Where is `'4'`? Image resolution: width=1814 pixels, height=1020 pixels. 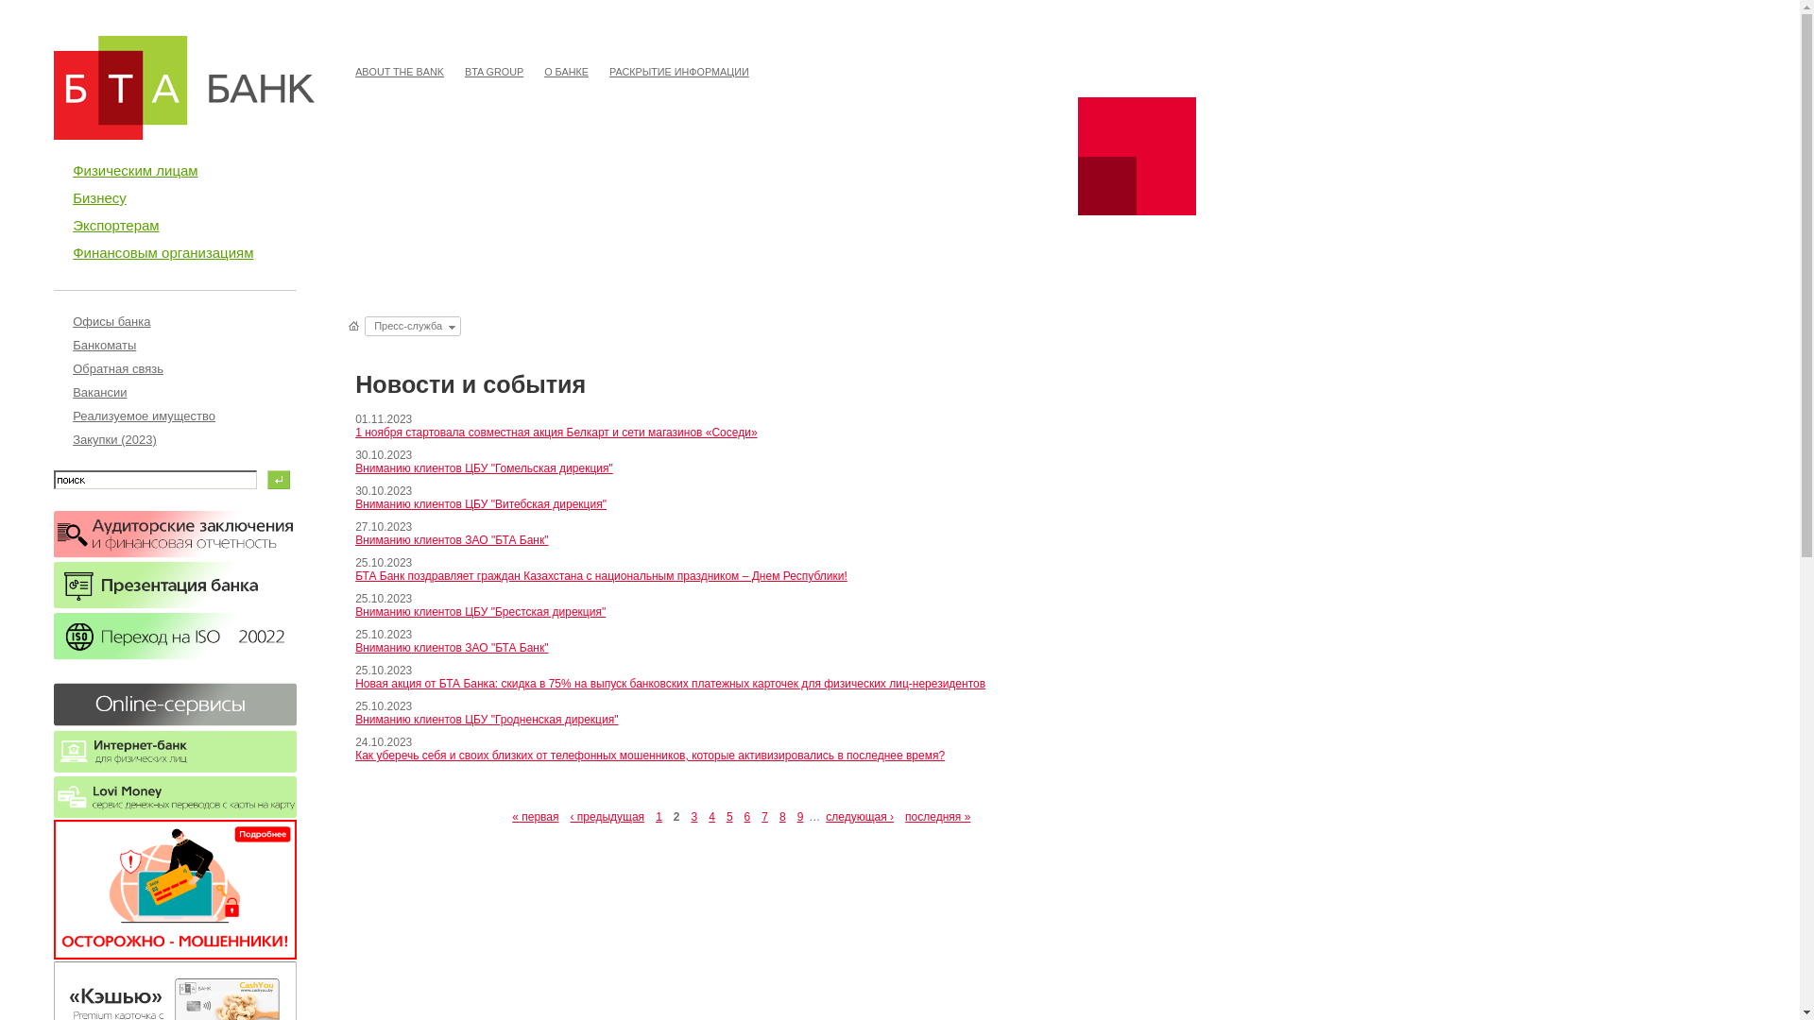
'4' is located at coordinates (710, 815).